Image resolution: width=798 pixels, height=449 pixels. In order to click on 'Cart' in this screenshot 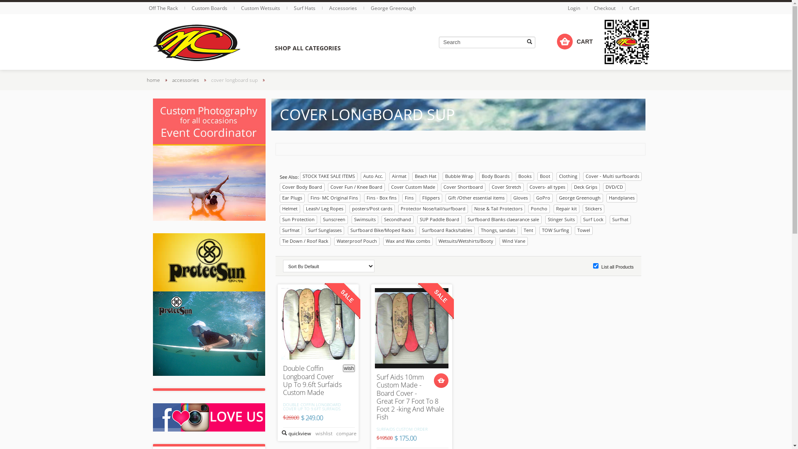, I will do `click(634, 8)`.